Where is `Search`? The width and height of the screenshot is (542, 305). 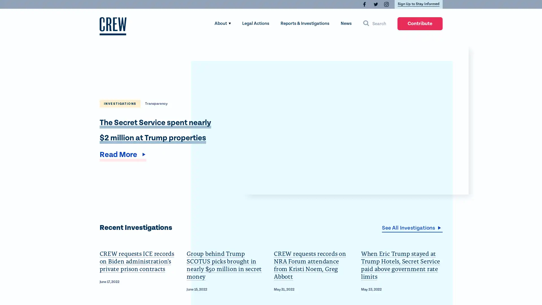 Search is located at coordinates (374, 23).